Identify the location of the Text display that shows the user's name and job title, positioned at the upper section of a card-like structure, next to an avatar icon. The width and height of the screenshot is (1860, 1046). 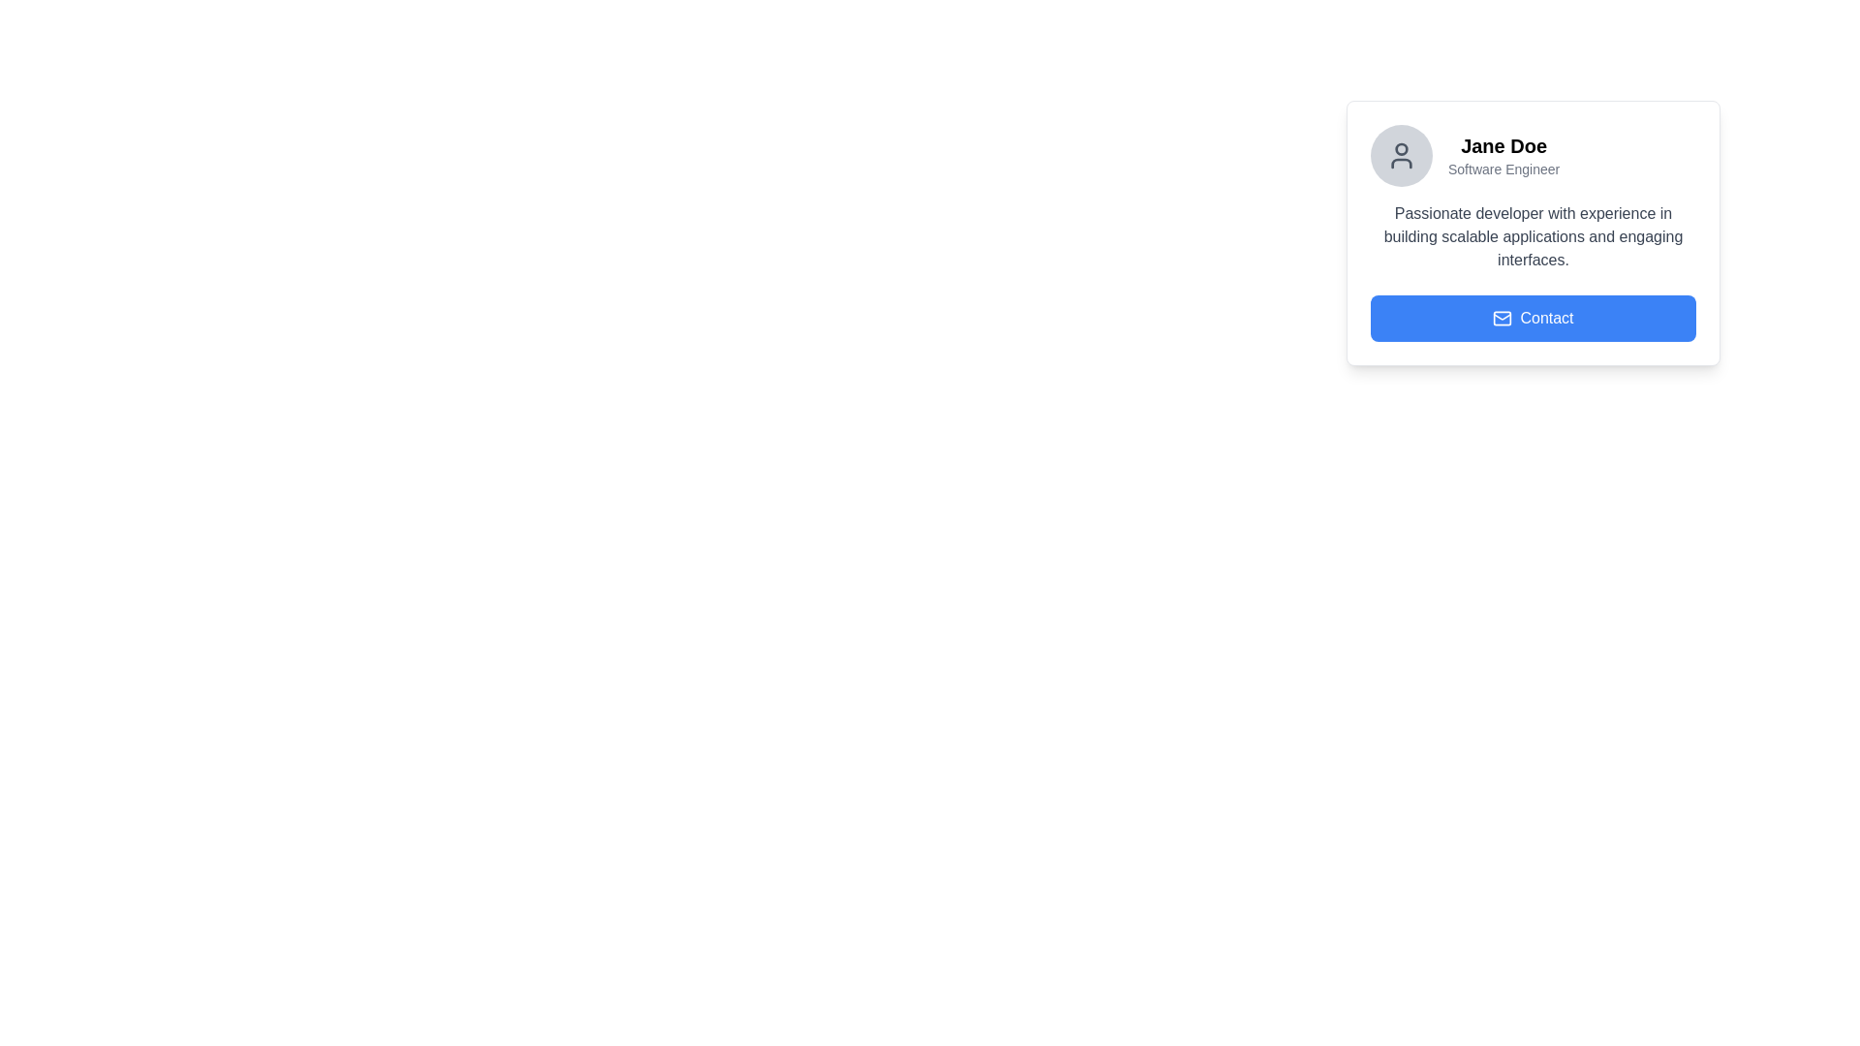
(1503, 155).